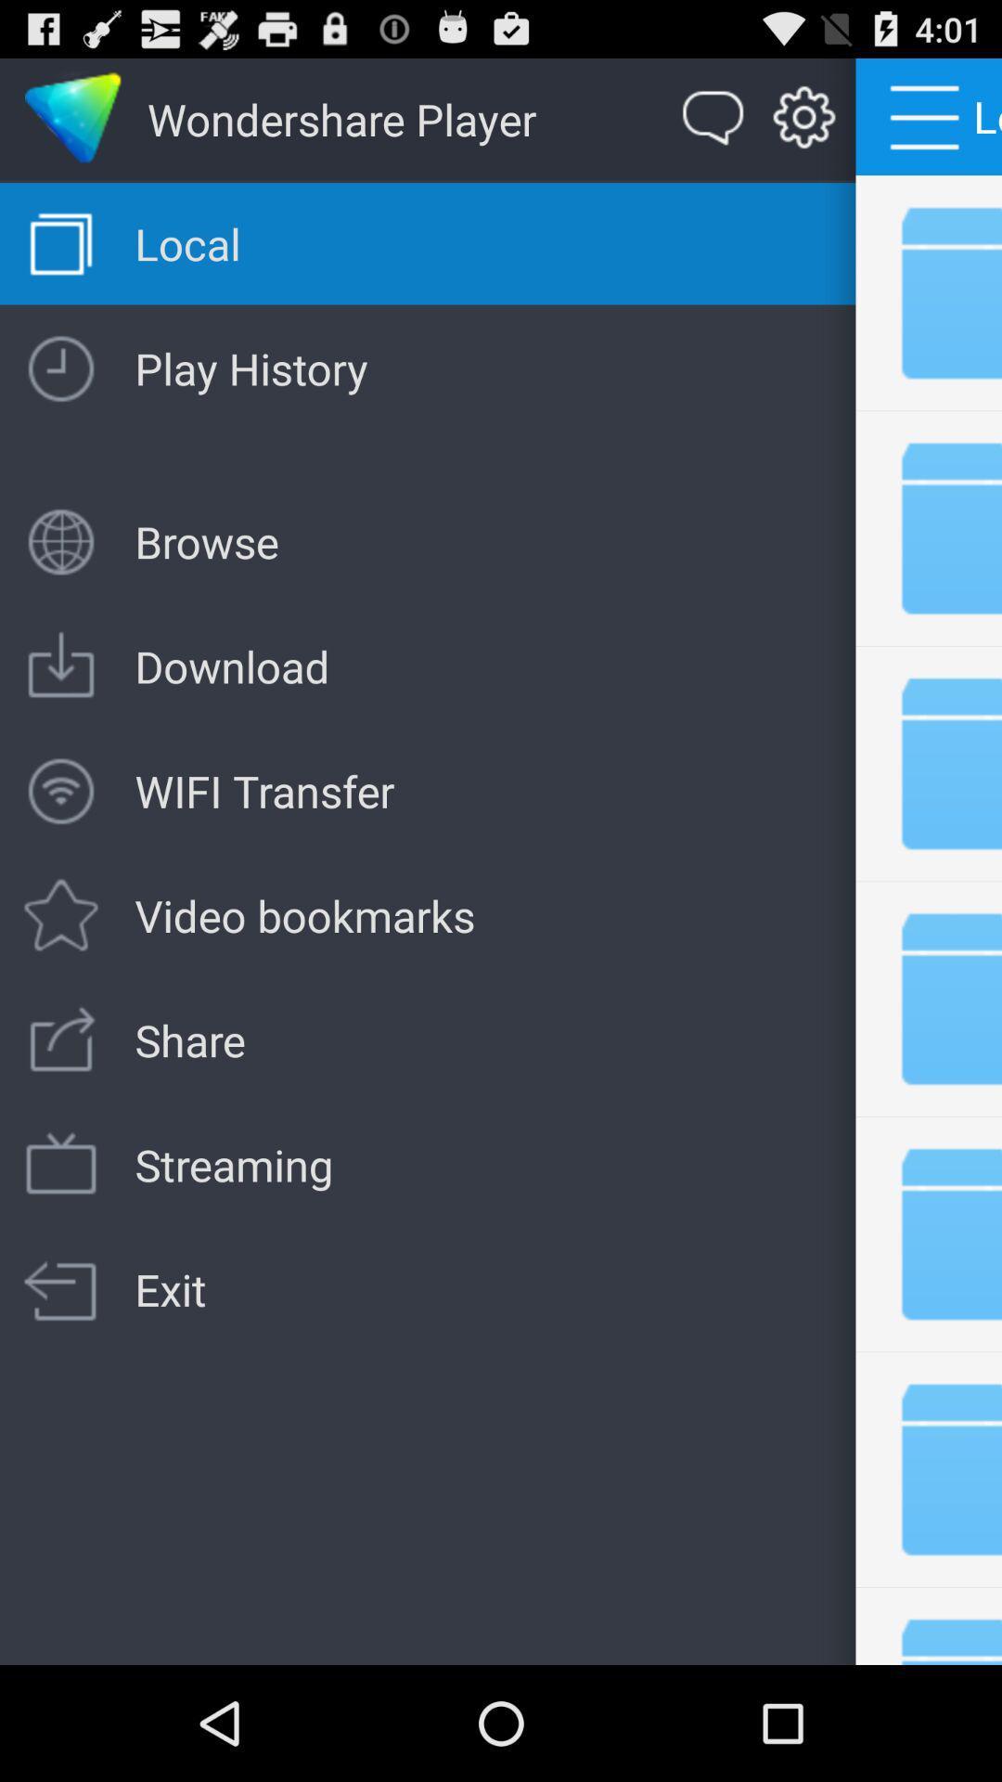 This screenshot has height=1782, width=1002. What do you see at coordinates (713, 126) in the screenshot?
I see `the chat icon` at bounding box center [713, 126].